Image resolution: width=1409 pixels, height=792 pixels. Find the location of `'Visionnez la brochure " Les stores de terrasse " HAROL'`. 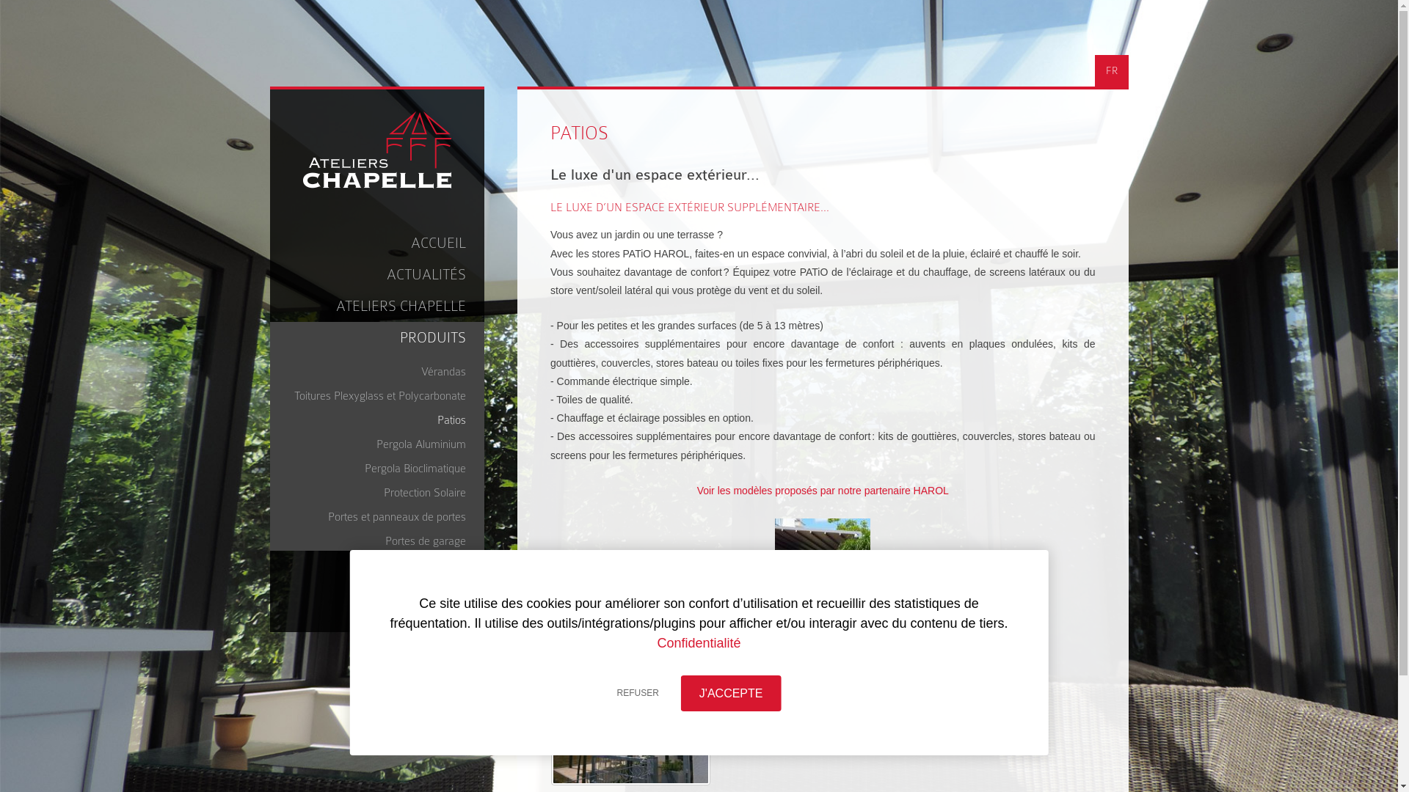

'Visionnez la brochure " Les stores de terrasse " HAROL' is located at coordinates (823, 637).